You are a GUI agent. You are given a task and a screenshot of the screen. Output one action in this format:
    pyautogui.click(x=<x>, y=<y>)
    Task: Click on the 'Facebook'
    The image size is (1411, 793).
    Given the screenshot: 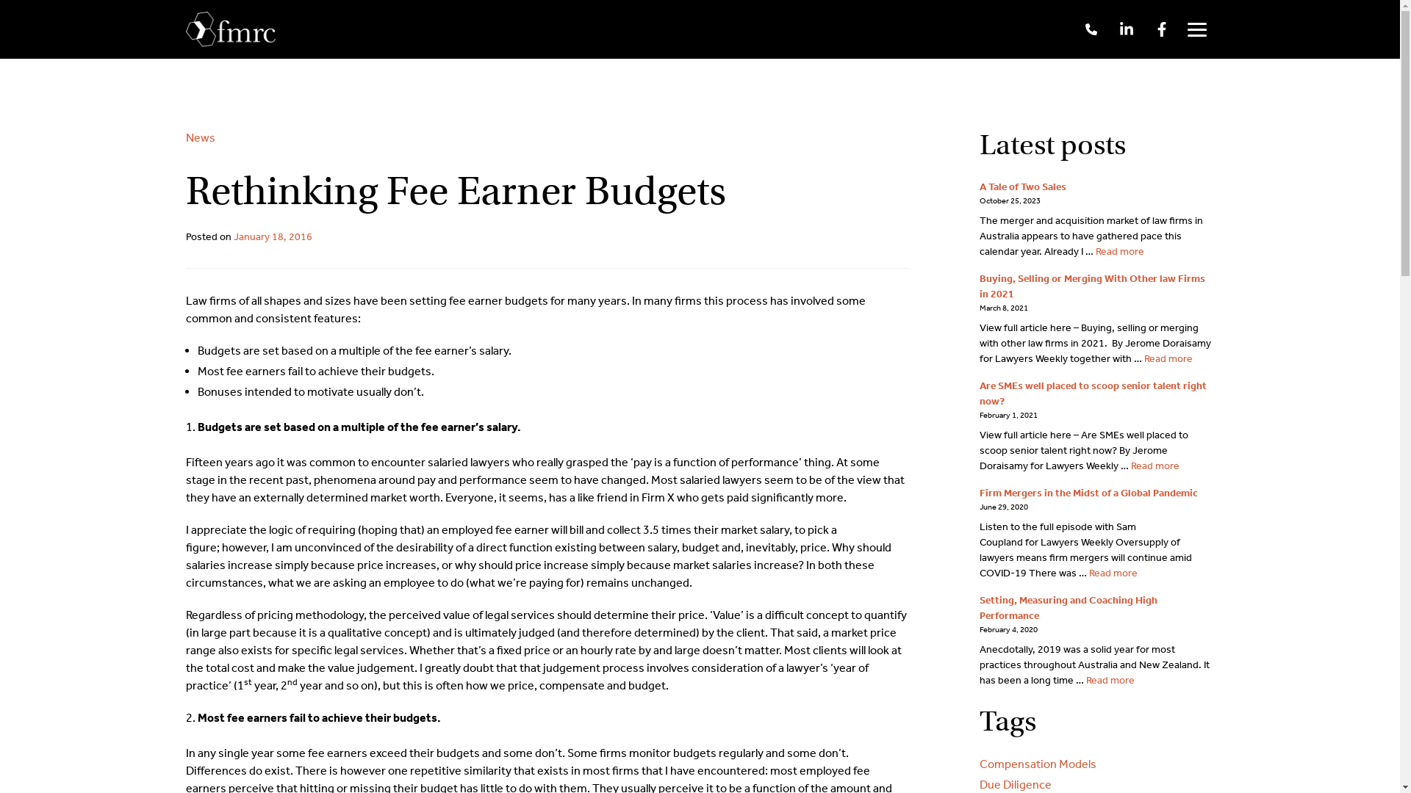 What is the action you would take?
    pyautogui.click(x=1160, y=29)
    